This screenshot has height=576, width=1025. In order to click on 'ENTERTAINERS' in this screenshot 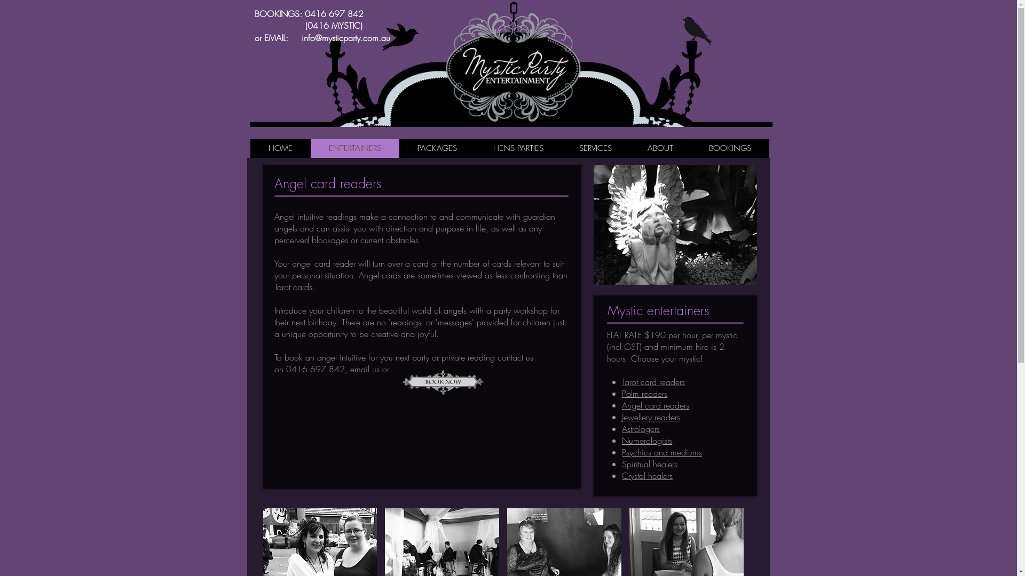, I will do `click(355, 148)`.